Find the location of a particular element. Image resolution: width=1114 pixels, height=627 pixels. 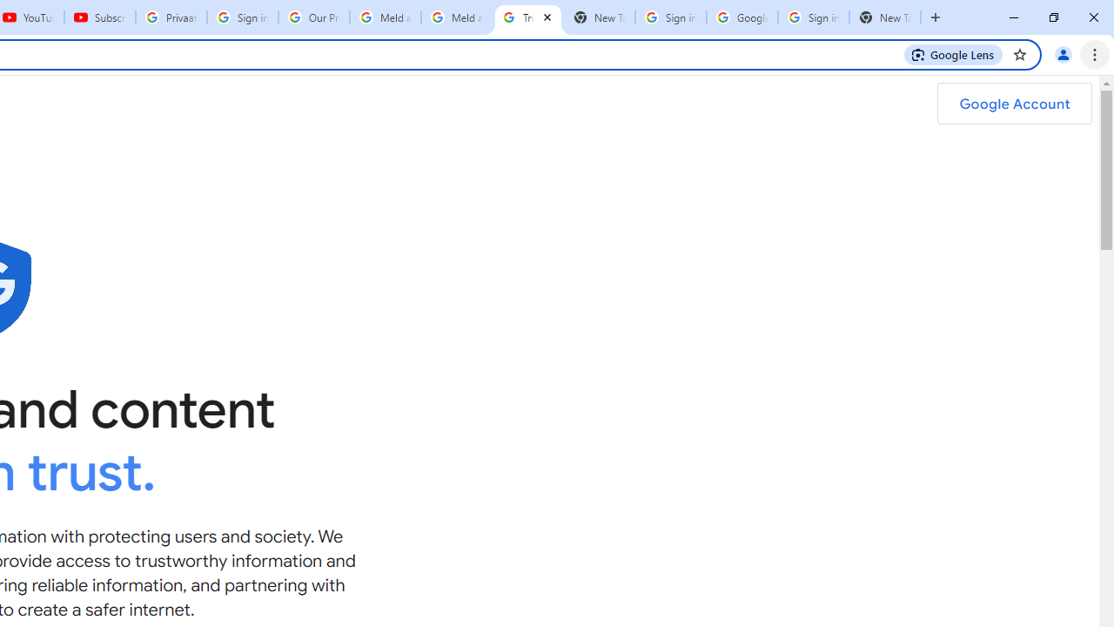

'Sign in - Google Accounts' is located at coordinates (813, 17).